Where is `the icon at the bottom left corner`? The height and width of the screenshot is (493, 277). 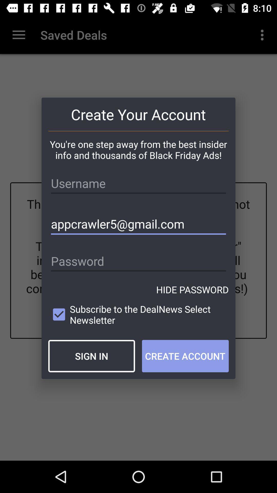 the icon at the bottom left corner is located at coordinates (91, 356).